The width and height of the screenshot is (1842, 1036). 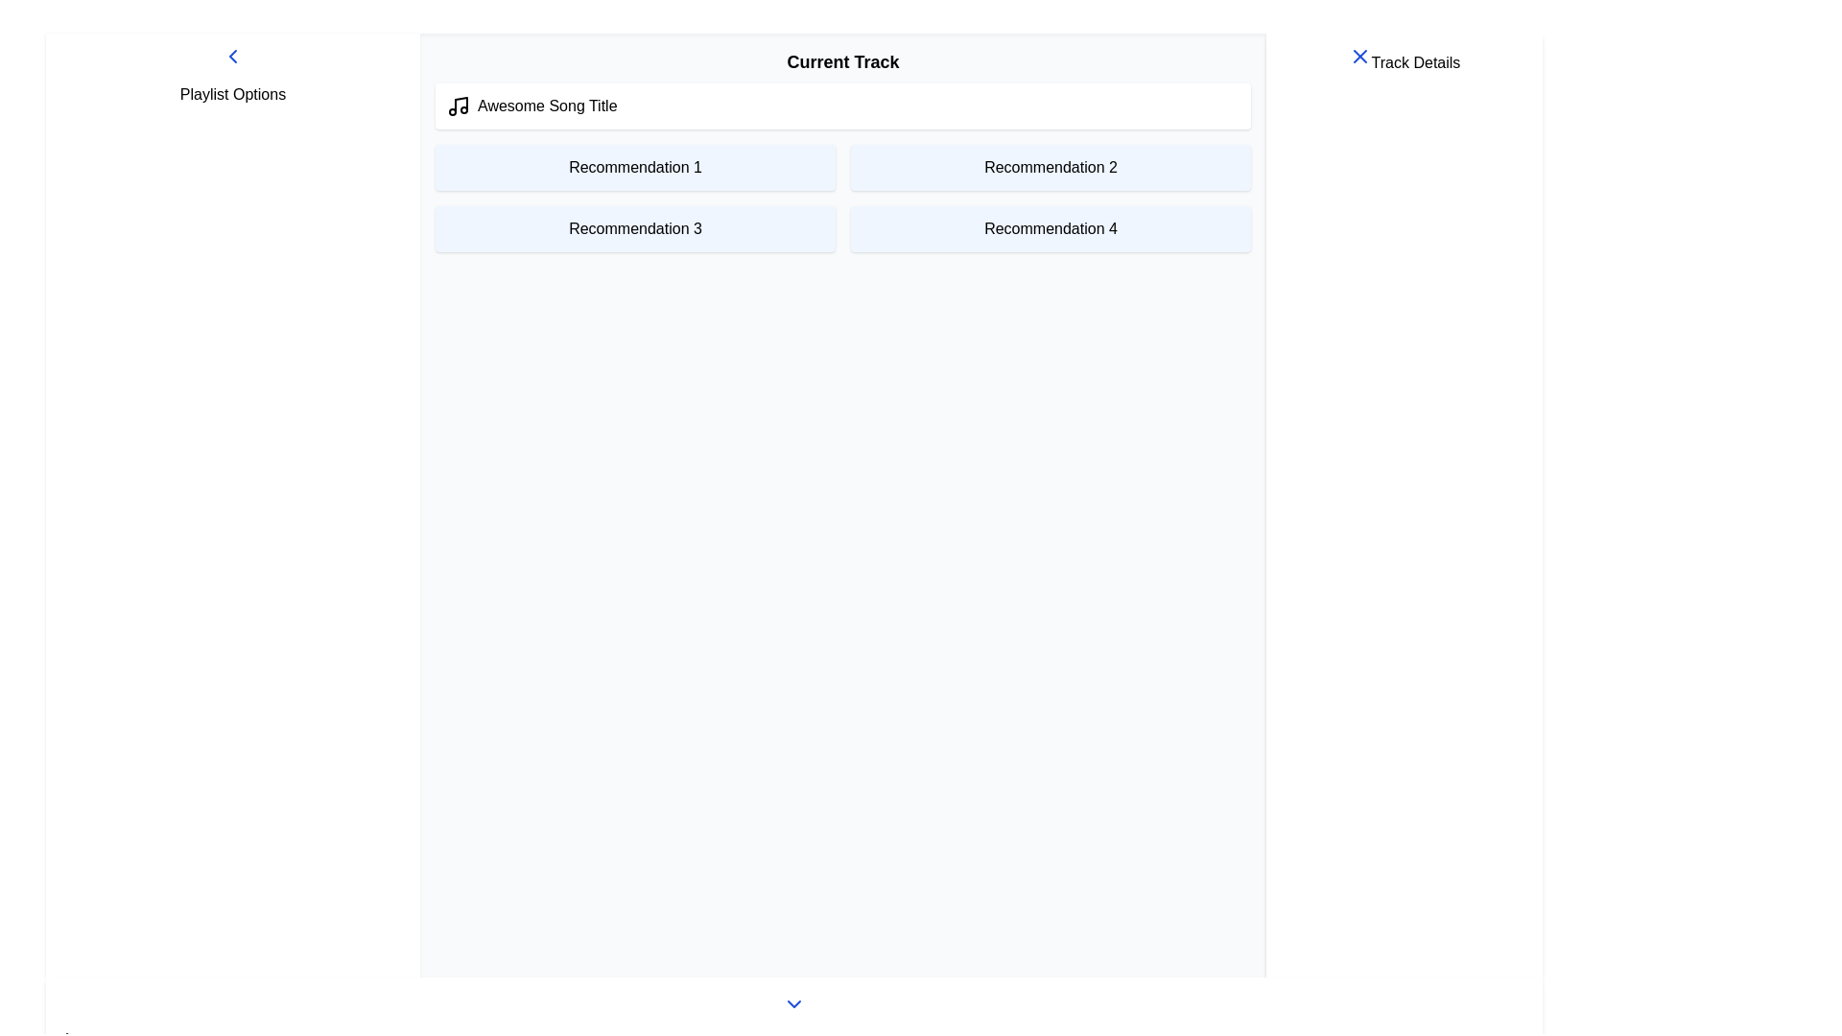 What do you see at coordinates (1050, 166) in the screenshot?
I see `the Static text card labeled 'Recommendation 2', which is a light blue rectangular card with rounded corners located in the top row, second column of a grid layout` at bounding box center [1050, 166].